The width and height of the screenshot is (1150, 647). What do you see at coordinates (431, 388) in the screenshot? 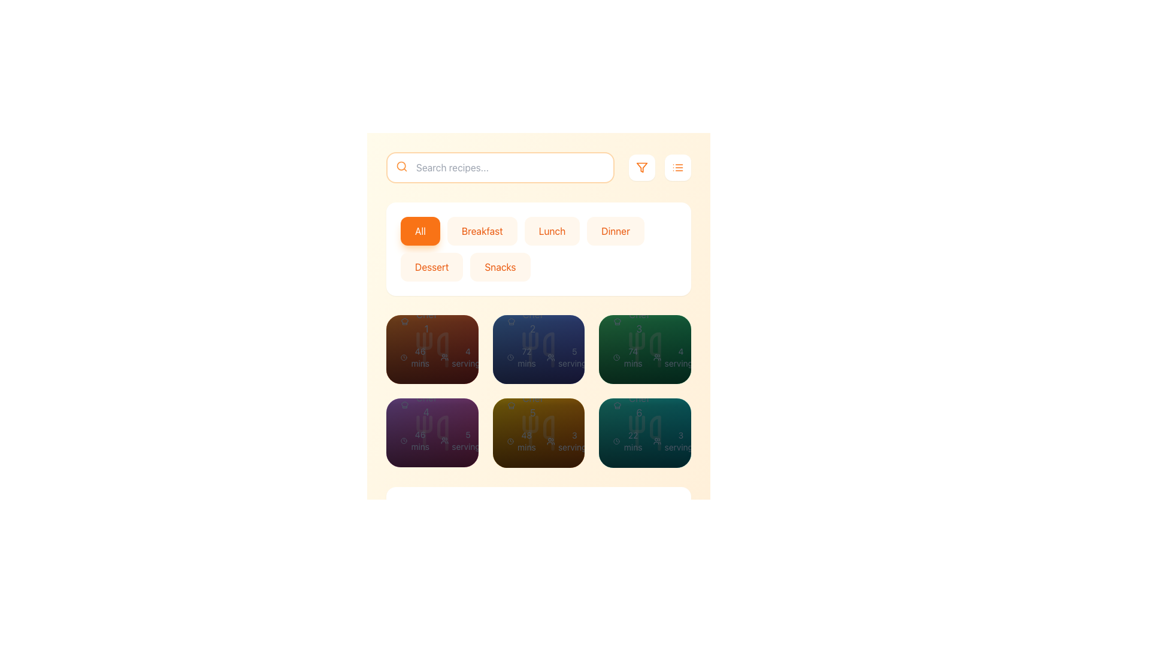
I see `the Display Card Header of the second card in the grid` at bounding box center [431, 388].